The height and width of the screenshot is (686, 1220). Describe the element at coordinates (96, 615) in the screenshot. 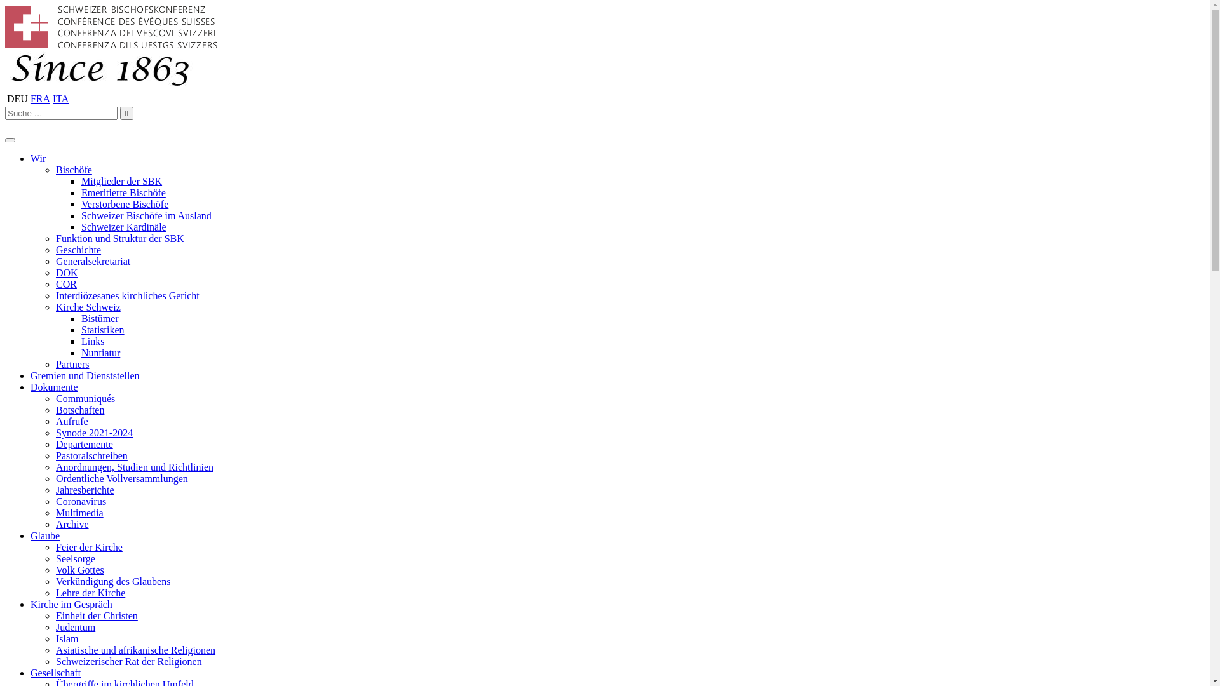

I see `'Einheit der Christen'` at that location.